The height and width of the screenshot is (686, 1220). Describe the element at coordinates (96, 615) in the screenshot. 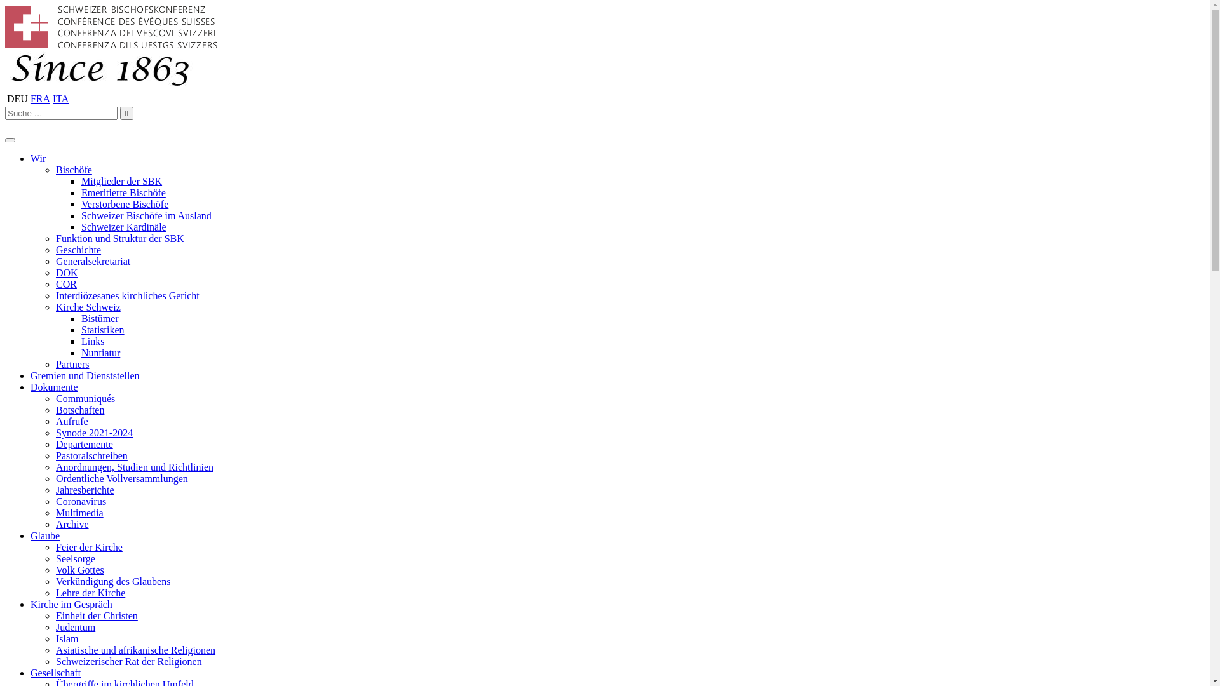

I see `'Einheit der Christen'` at that location.